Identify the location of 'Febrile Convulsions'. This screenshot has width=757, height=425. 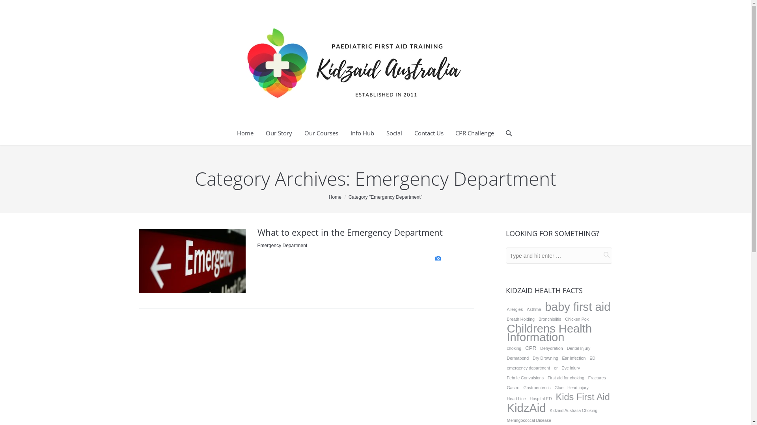
(525, 377).